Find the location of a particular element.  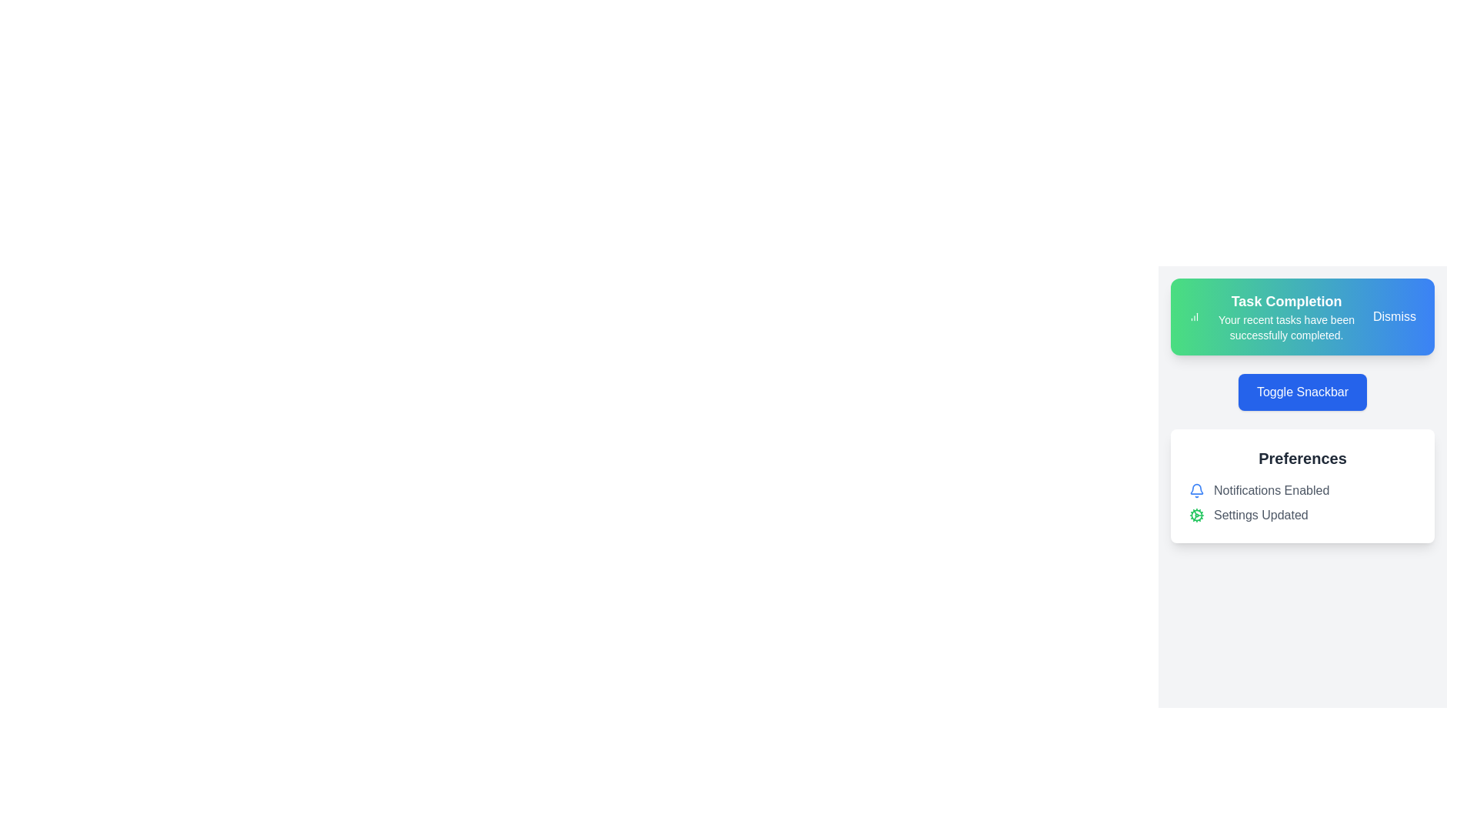

the 'Preferences' section to observe its title and content is located at coordinates (1302, 486).